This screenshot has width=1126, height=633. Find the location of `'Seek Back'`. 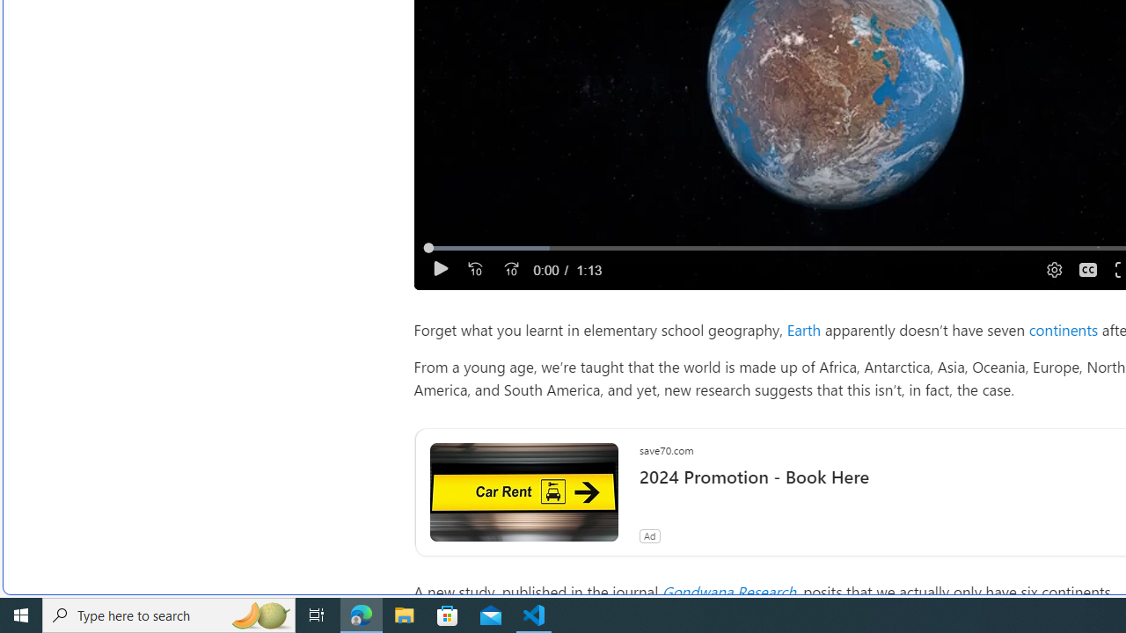

'Seek Back' is located at coordinates (475, 269).